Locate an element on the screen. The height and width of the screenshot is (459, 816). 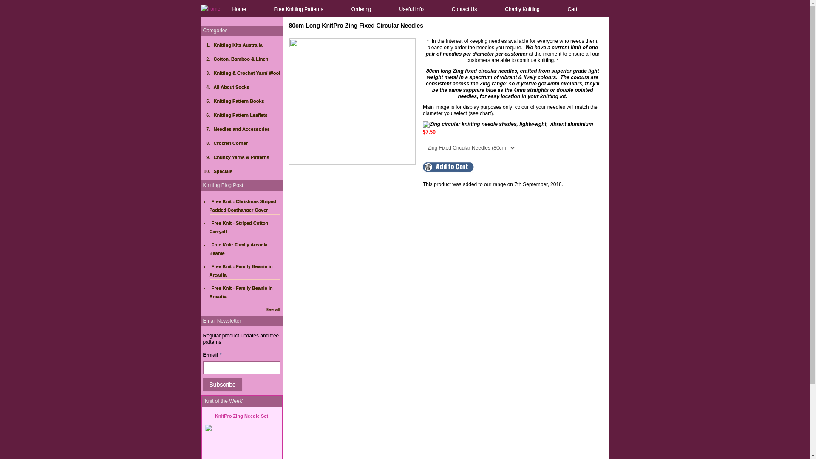
'Knitting Pattern Books' is located at coordinates (246, 101).